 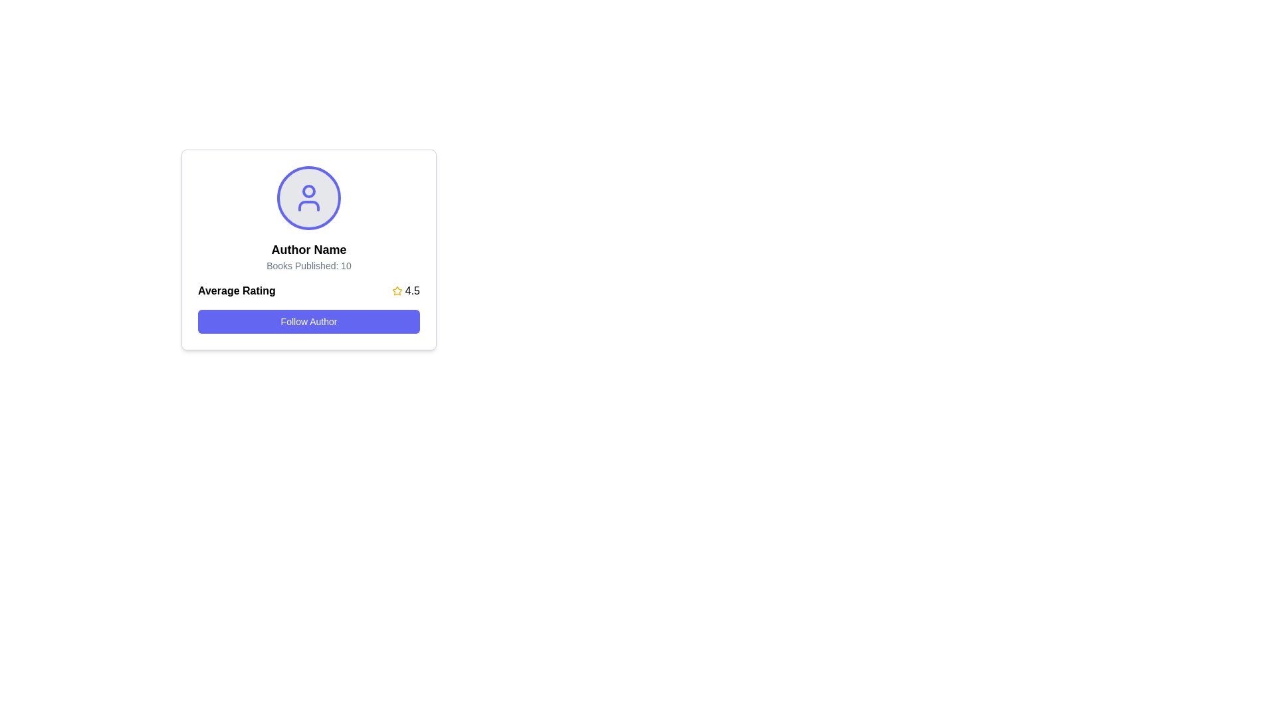 I want to click on the Text Label that provides information on the number of books published by the author, located directly under the 'Author Name' heading within the profile card, so click(x=308, y=266).